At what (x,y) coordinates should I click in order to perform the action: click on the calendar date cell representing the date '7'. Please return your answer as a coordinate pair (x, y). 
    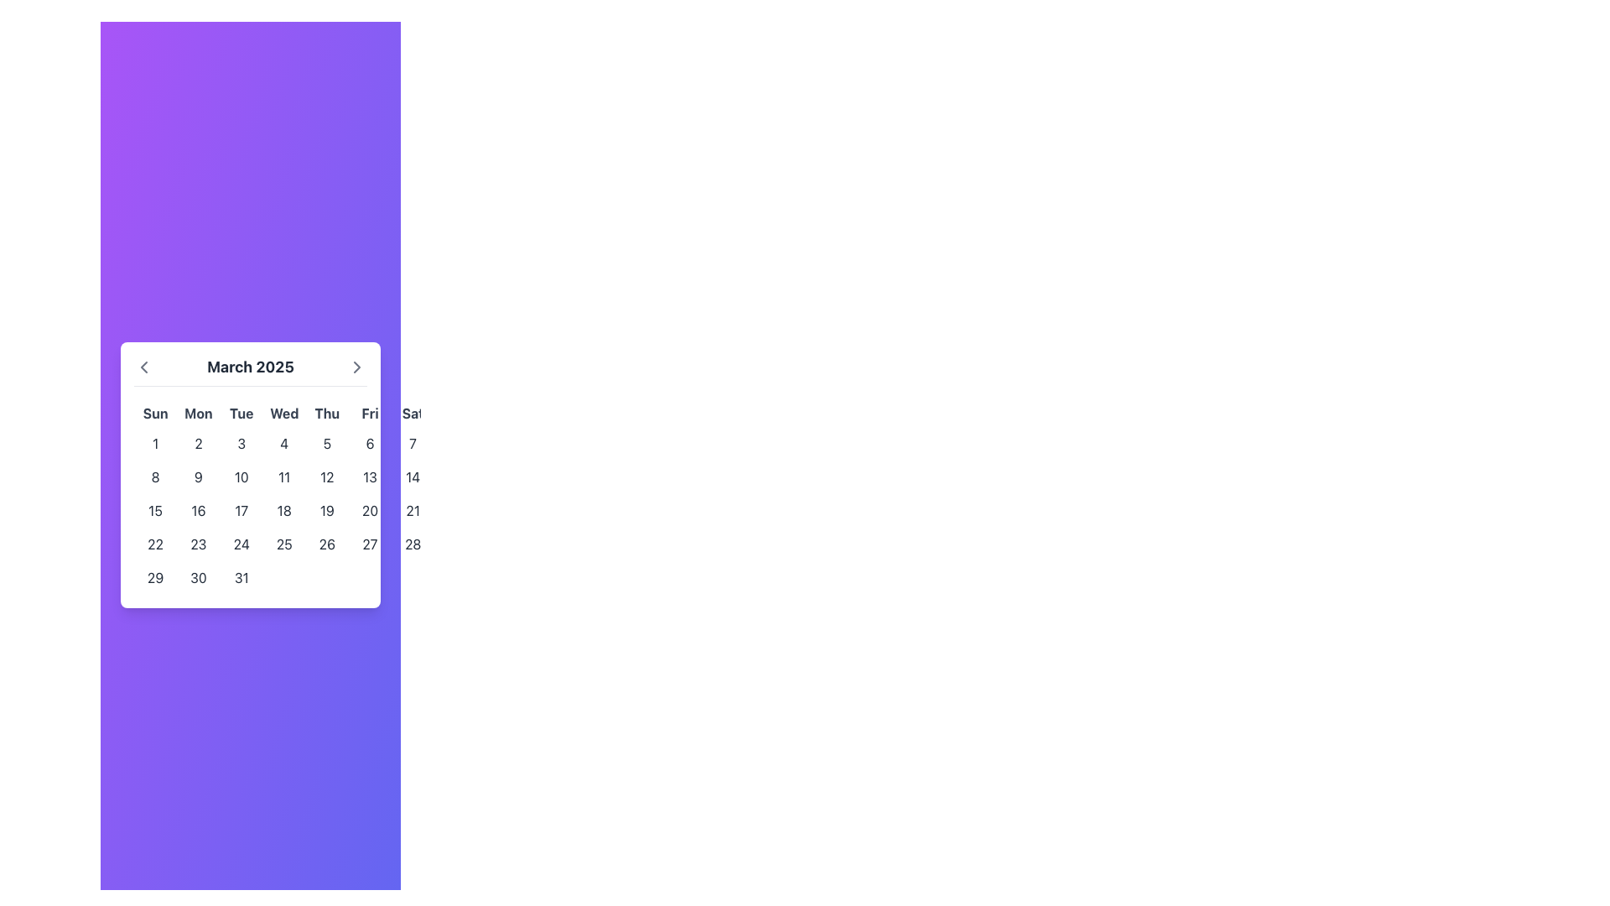
    Looking at the image, I should click on (413, 442).